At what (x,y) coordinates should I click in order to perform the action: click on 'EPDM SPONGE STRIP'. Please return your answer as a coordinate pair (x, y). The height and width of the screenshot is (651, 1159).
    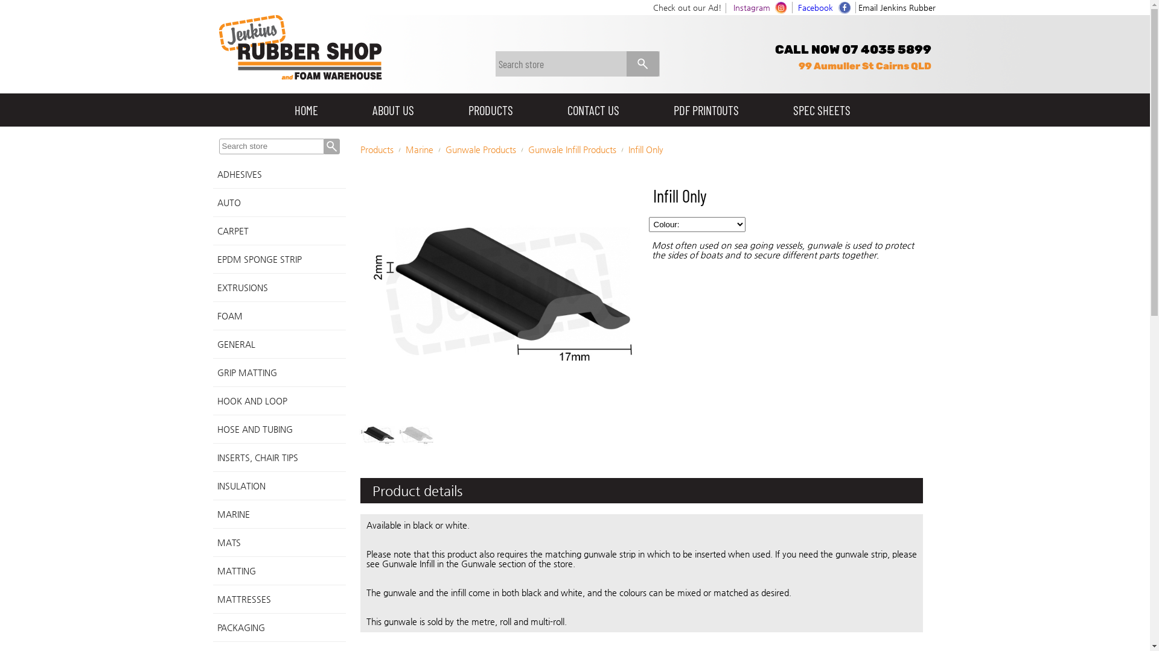
    Looking at the image, I should click on (278, 259).